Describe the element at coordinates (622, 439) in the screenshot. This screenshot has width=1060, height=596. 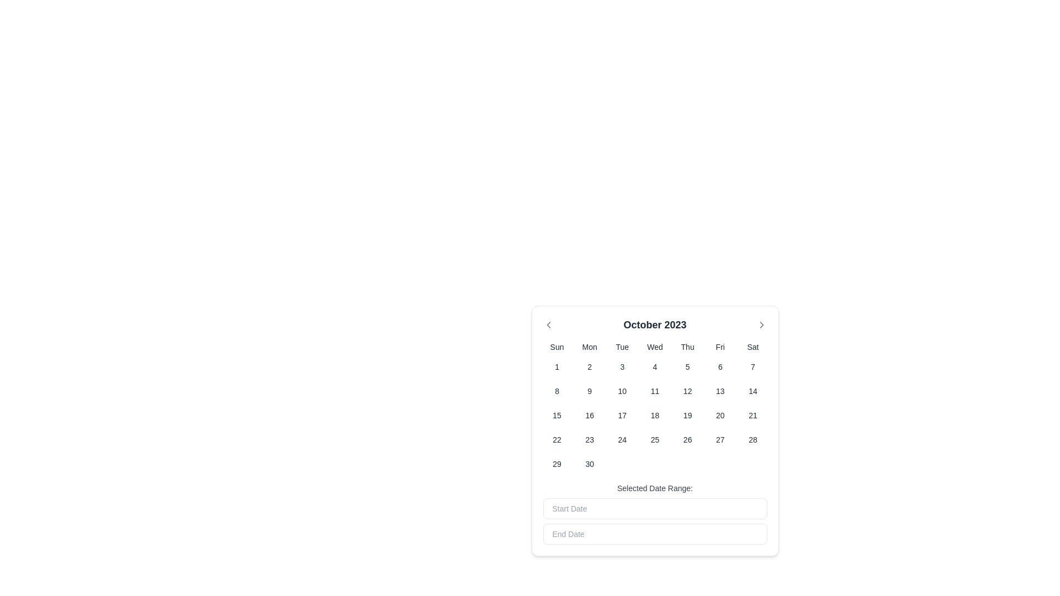
I see `the interactive button displaying the number '24' in the calendar grid` at that location.